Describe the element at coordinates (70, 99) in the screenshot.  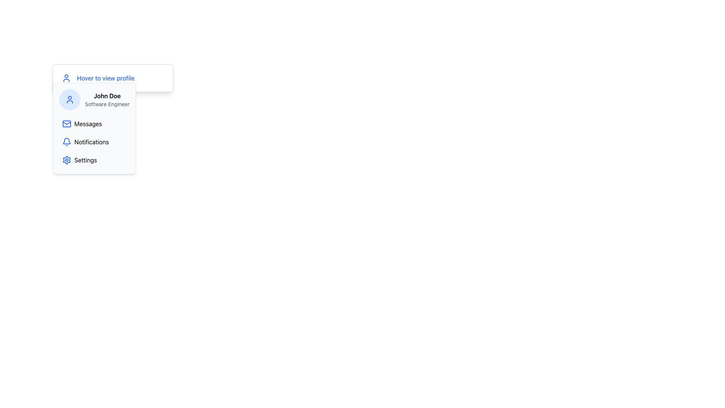
I see `the circular avatar icon with a pale blue background and a darker blue user outline, located to the left of the text 'John Doe Software Engineer'` at that location.